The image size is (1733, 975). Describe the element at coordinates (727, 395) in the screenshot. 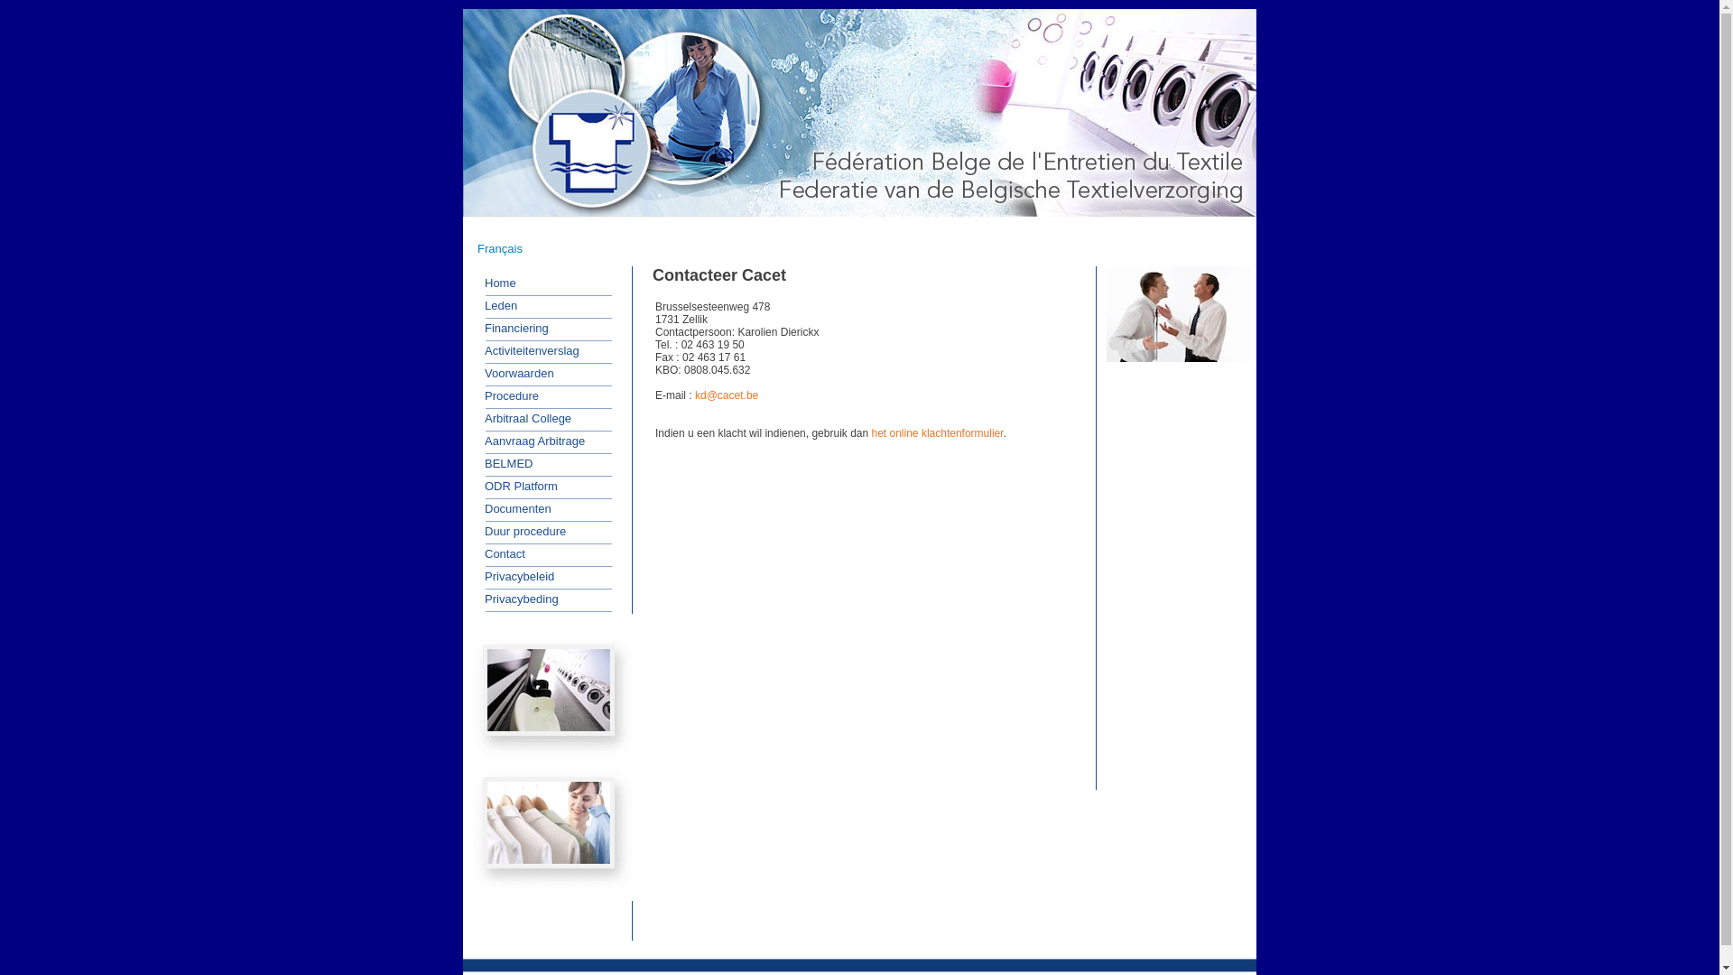

I see `'kd@cacet.be'` at that location.